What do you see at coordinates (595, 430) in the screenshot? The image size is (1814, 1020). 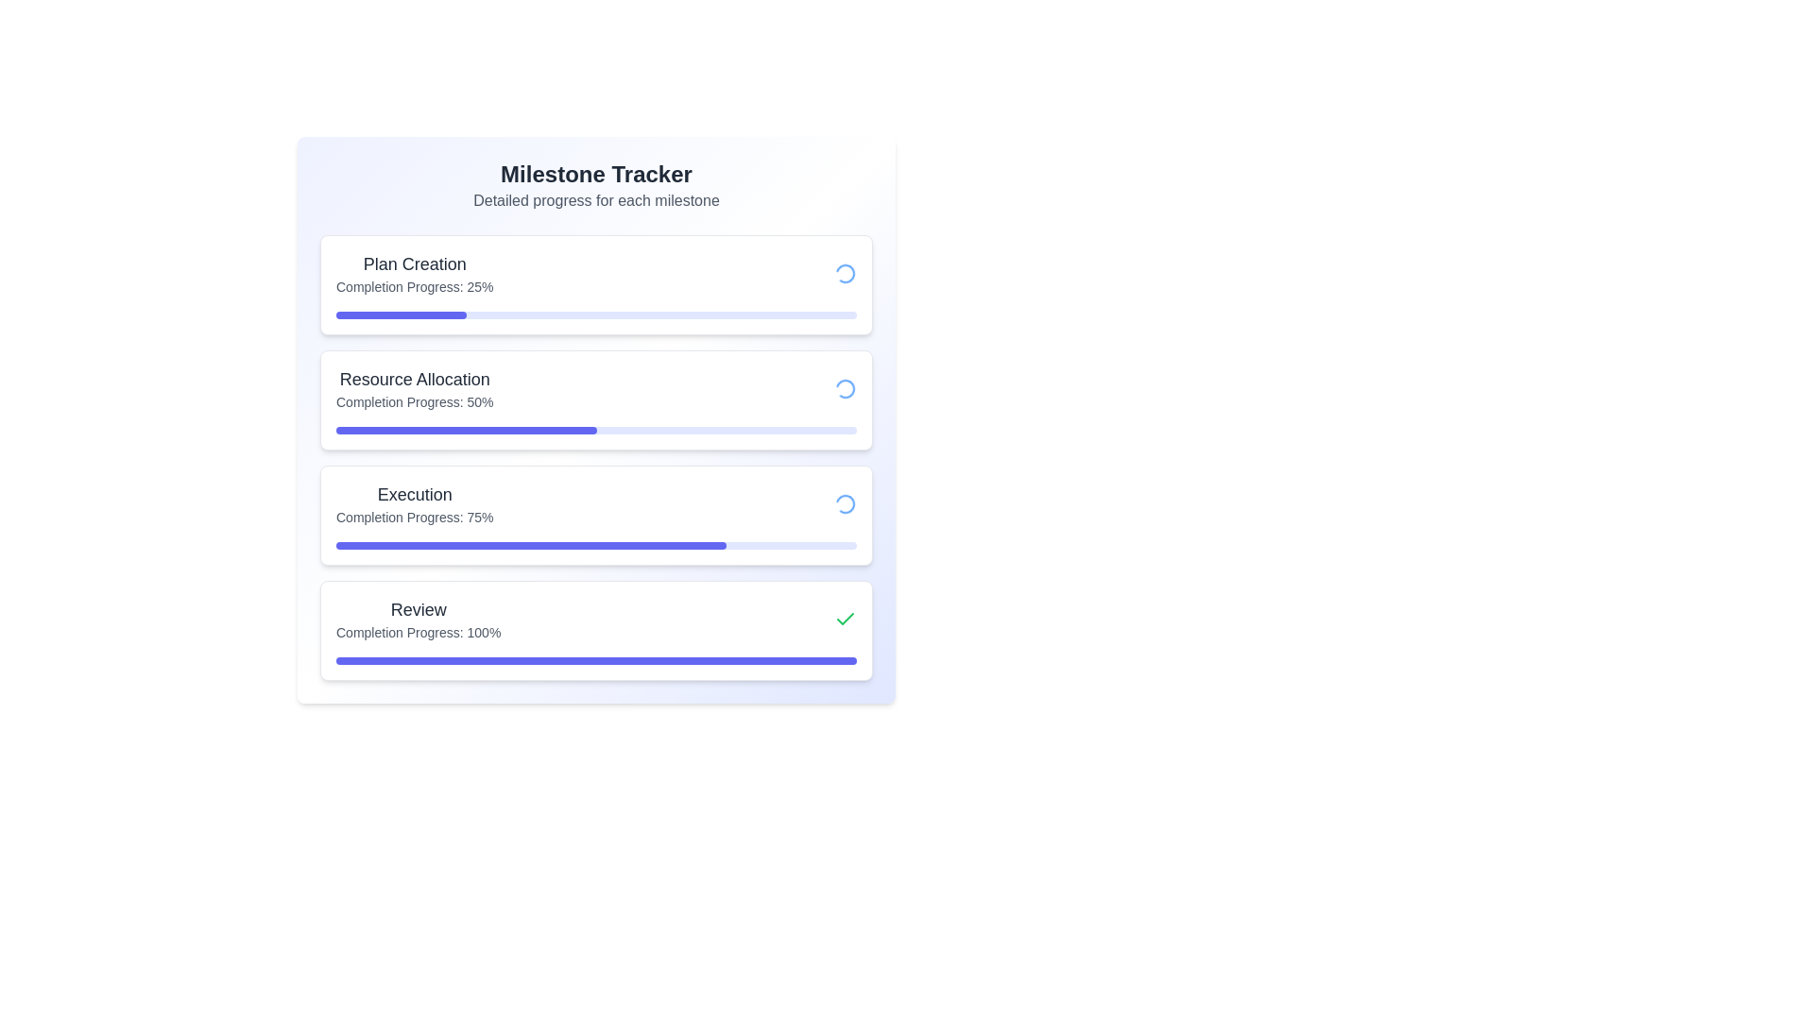 I see `the progress visually on the progress bar located centrally in the 'Resource Allocation' box, below the text 'Completion Progress: 50%'` at bounding box center [595, 430].